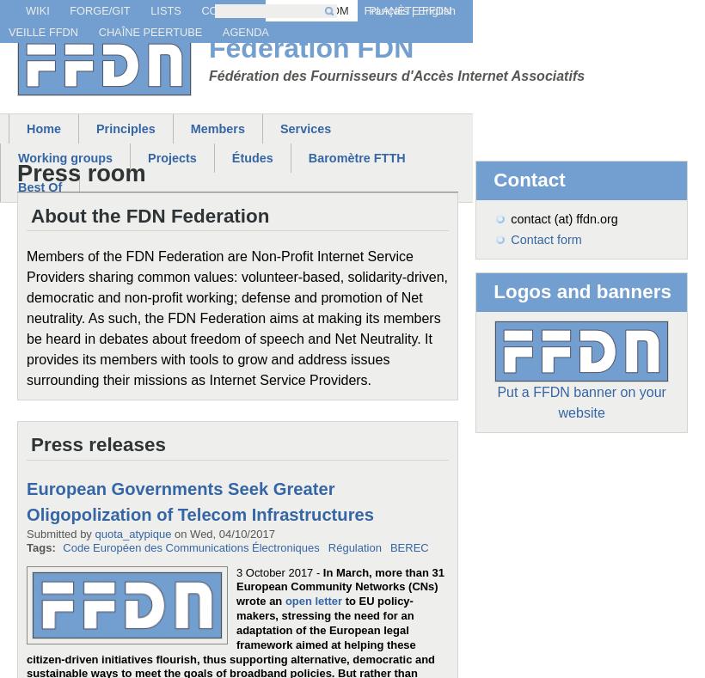 The height and width of the screenshot is (678, 705). What do you see at coordinates (29, 215) in the screenshot?
I see `'About the FDN Federation'` at bounding box center [29, 215].